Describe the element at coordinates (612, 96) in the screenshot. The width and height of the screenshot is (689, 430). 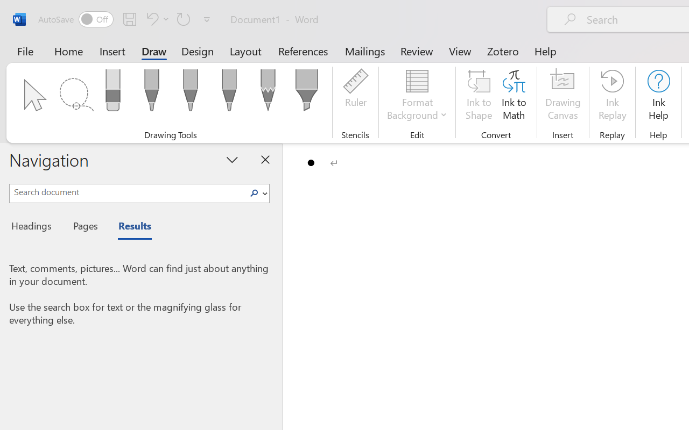
I see `'Ink Replay'` at that location.